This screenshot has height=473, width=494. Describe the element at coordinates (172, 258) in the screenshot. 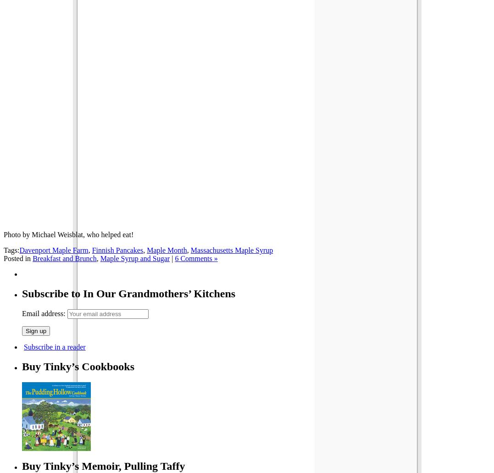

I see `'|'` at that location.